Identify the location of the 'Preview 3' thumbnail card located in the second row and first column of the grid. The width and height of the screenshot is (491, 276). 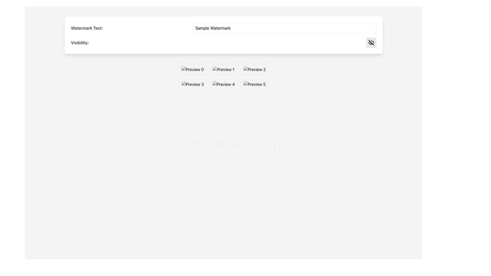
(192, 84).